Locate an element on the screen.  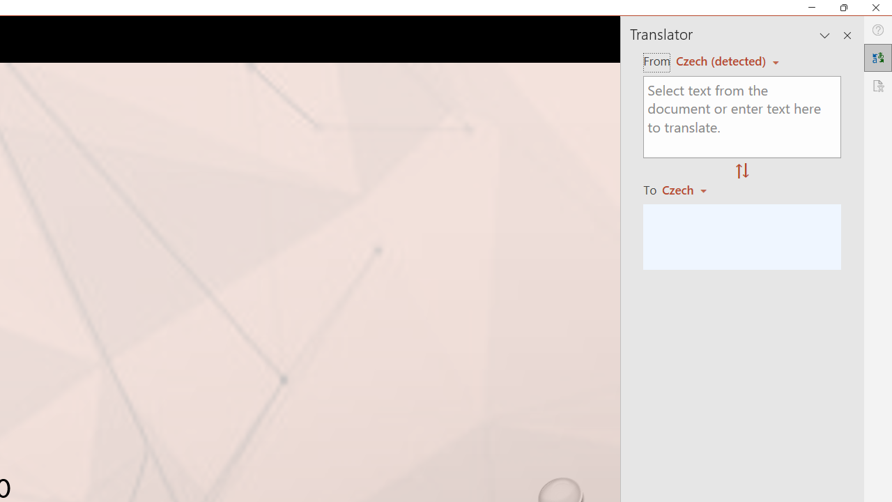
'Swap "from" and "to" languages.' is located at coordinates (741, 170).